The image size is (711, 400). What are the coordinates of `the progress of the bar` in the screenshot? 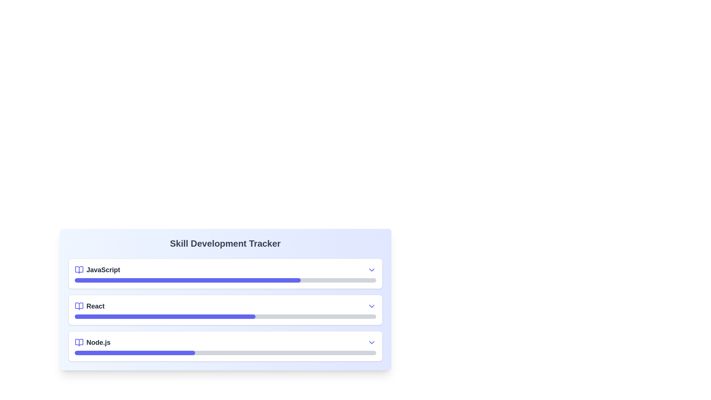 It's located at (161, 317).